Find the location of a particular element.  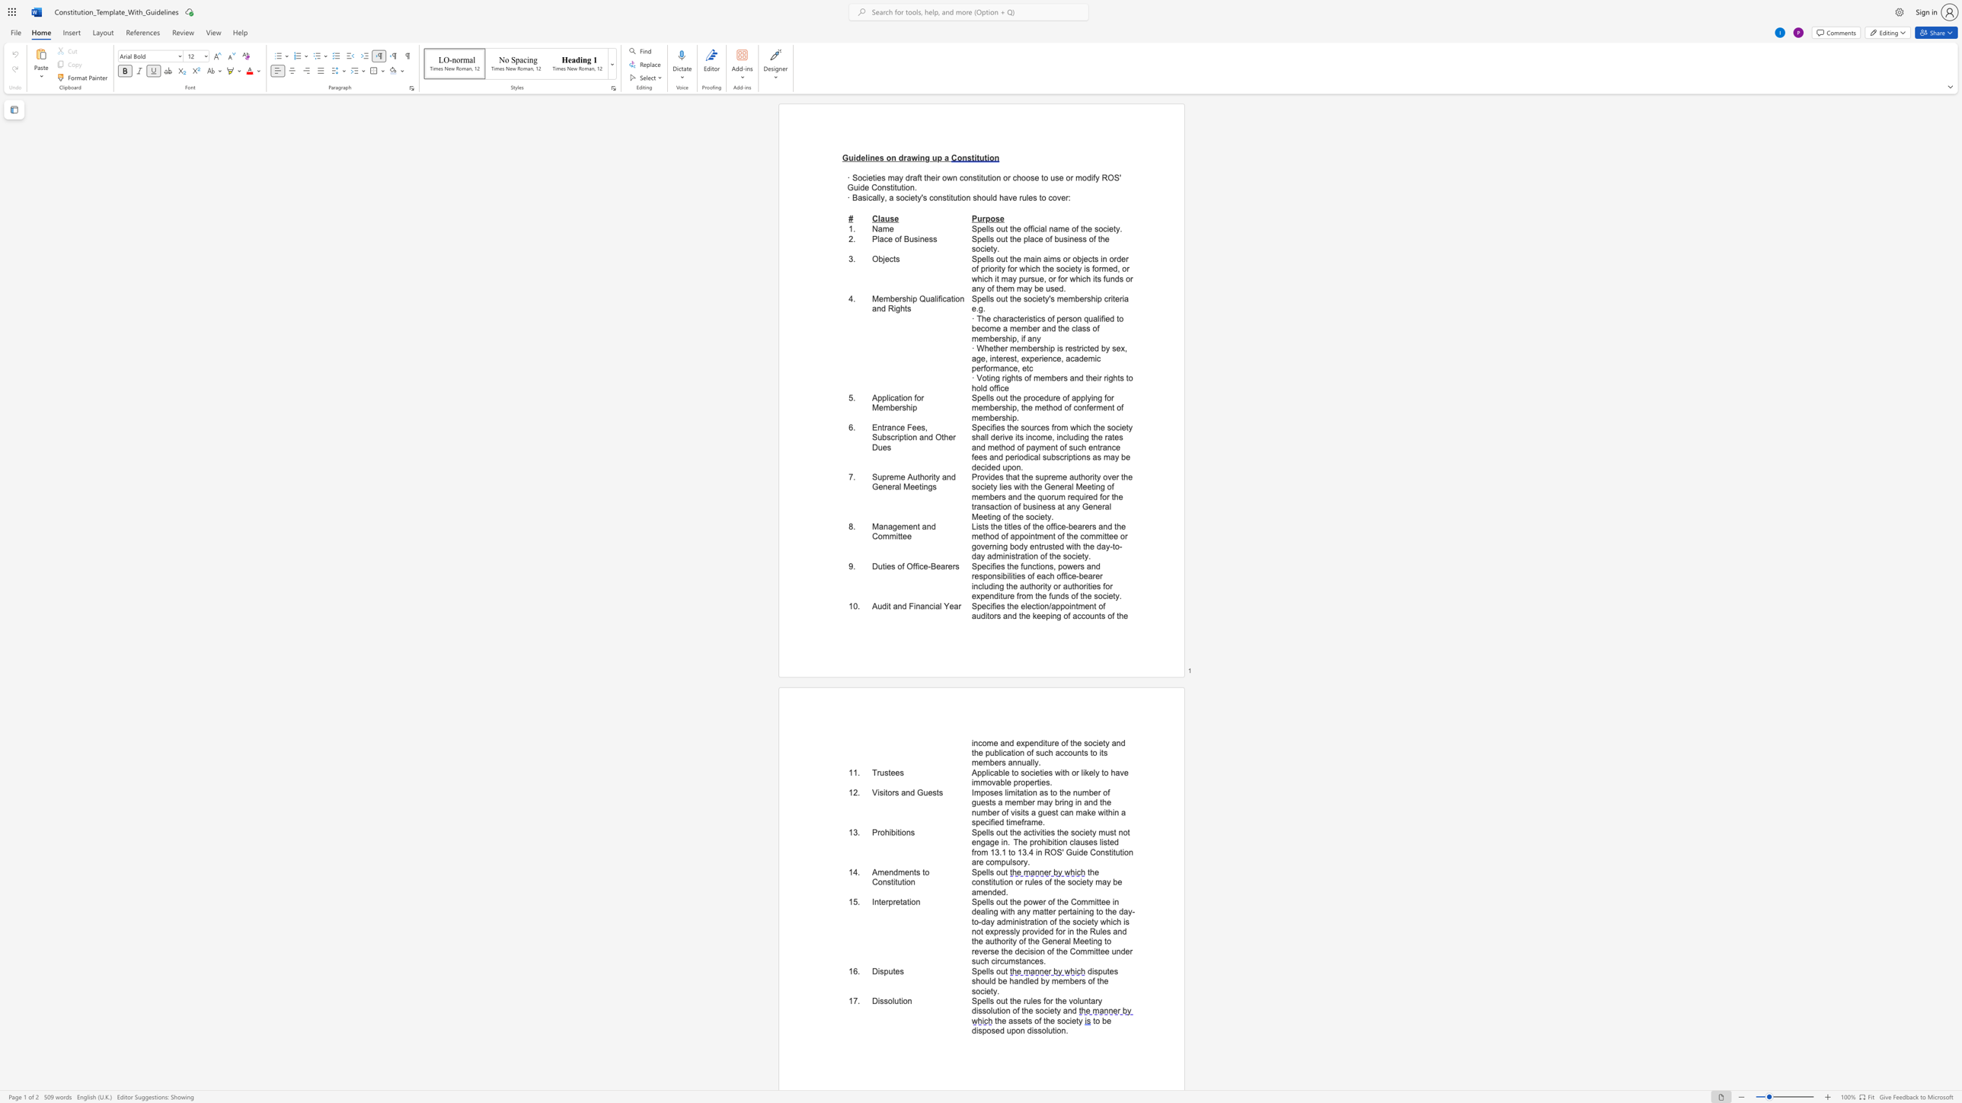

the subset text "nstituti" within the text "Amendments to Constitution" is located at coordinates (881, 881).